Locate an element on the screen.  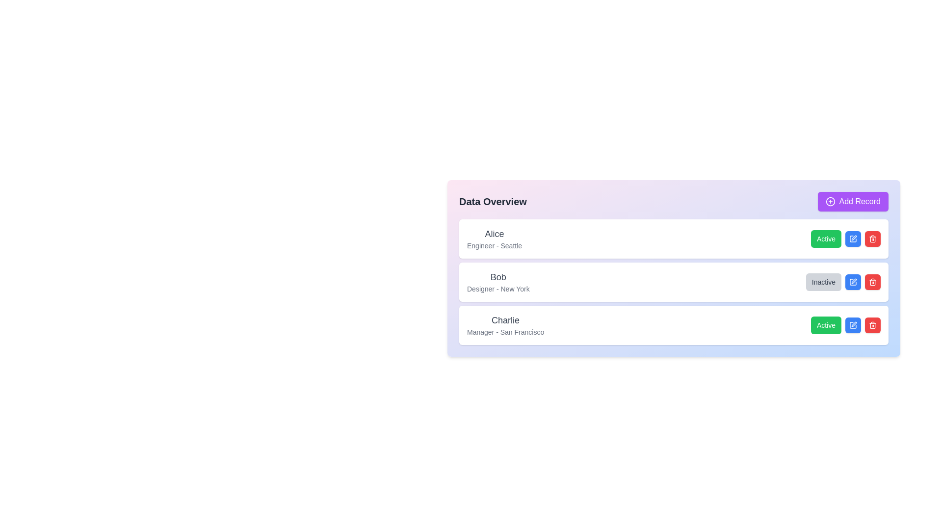
the first button in the structured list is located at coordinates (826, 325).